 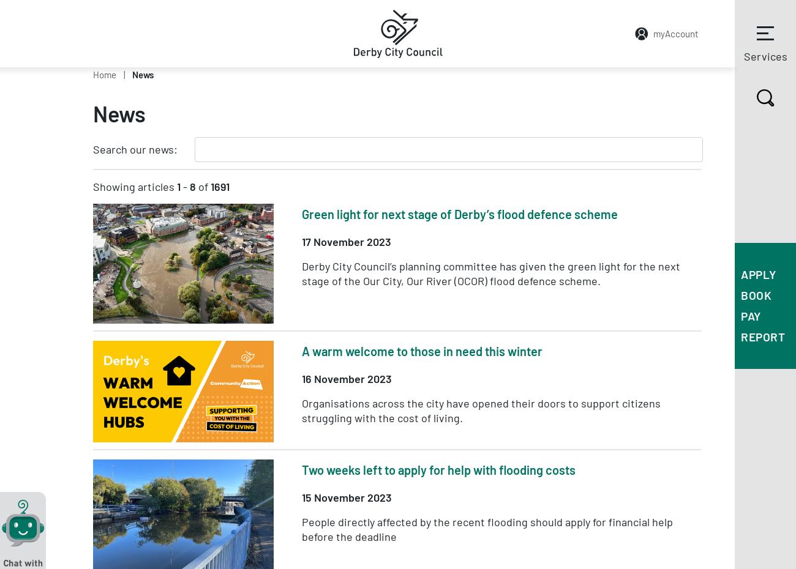 What do you see at coordinates (757, 274) in the screenshot?
I see `'Apply'` at bounding box center [757, 274].